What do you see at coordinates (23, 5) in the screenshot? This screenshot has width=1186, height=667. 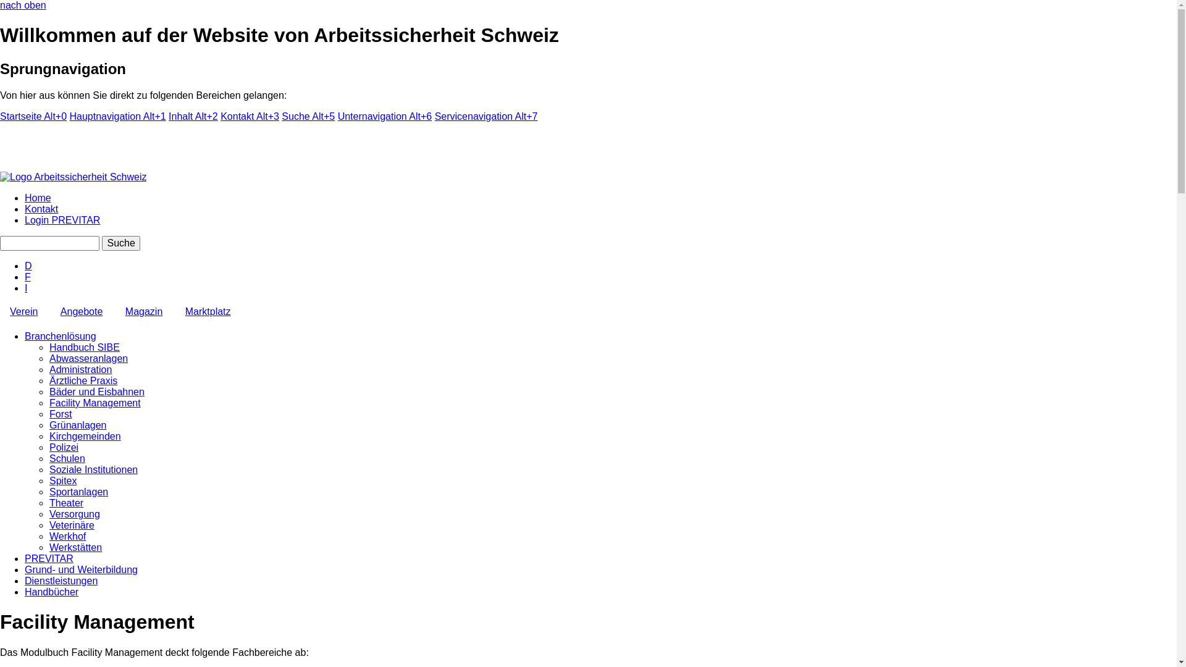 I see `'nach oben'` at bounding box center [23, 5].